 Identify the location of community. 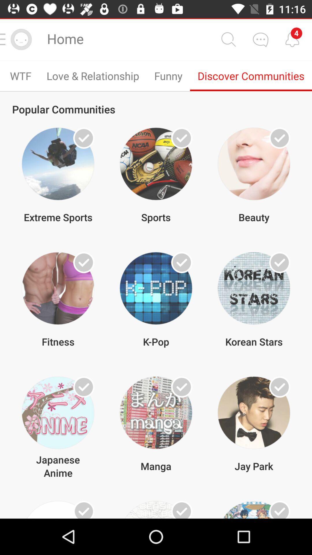
(279, 510).